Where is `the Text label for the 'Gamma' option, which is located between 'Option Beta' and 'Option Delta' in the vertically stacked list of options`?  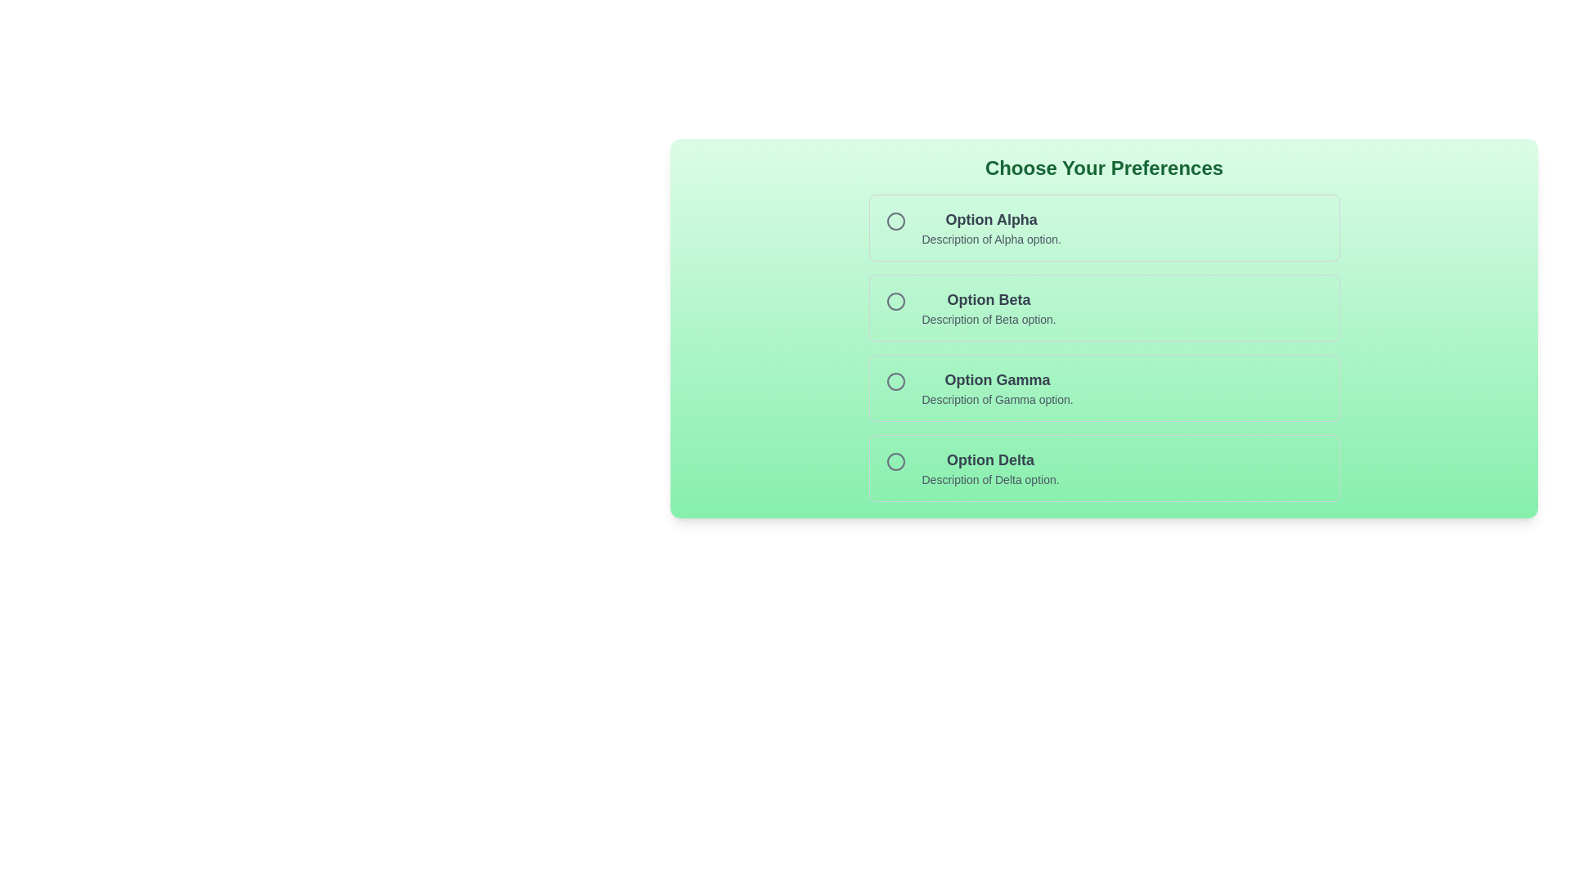 the Text label for the 'Gamma' option, which is located between 'Option Beta' and 'Option Delta' in the vertically stacked list of options is located at coordinates (997, 380).